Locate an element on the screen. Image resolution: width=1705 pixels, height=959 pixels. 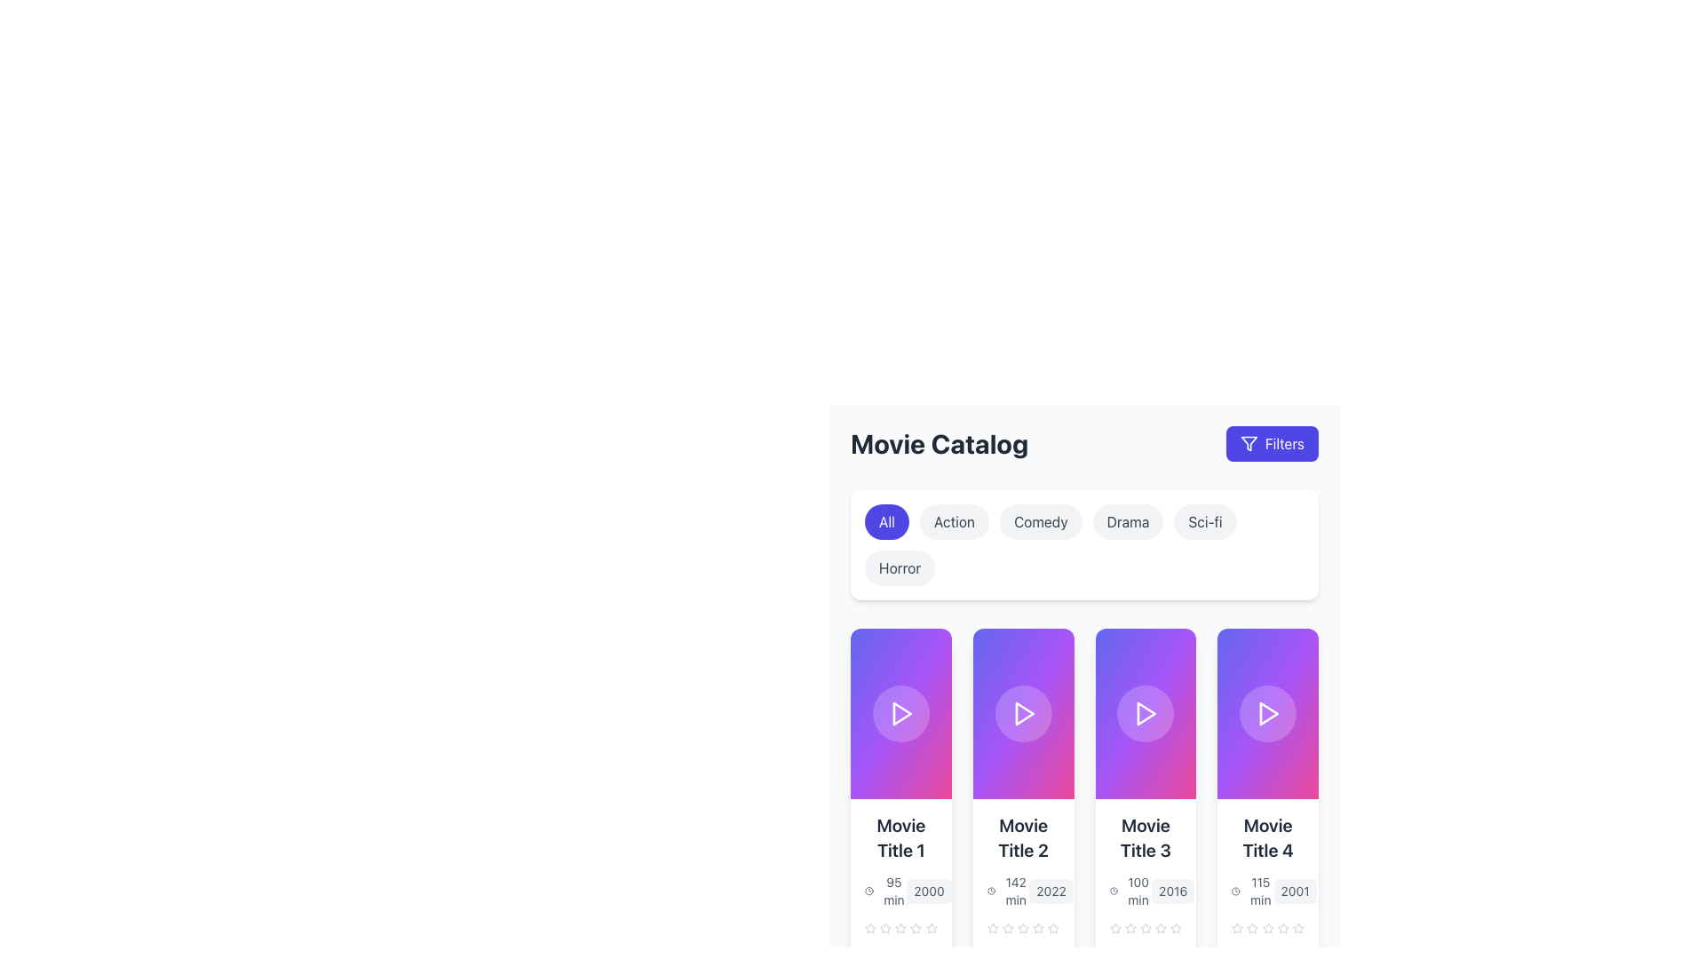
the triangular play button icon with a transparent inner area and a bold border, located in the second card of the movie catalog section is located at coordinates (1024, 712).